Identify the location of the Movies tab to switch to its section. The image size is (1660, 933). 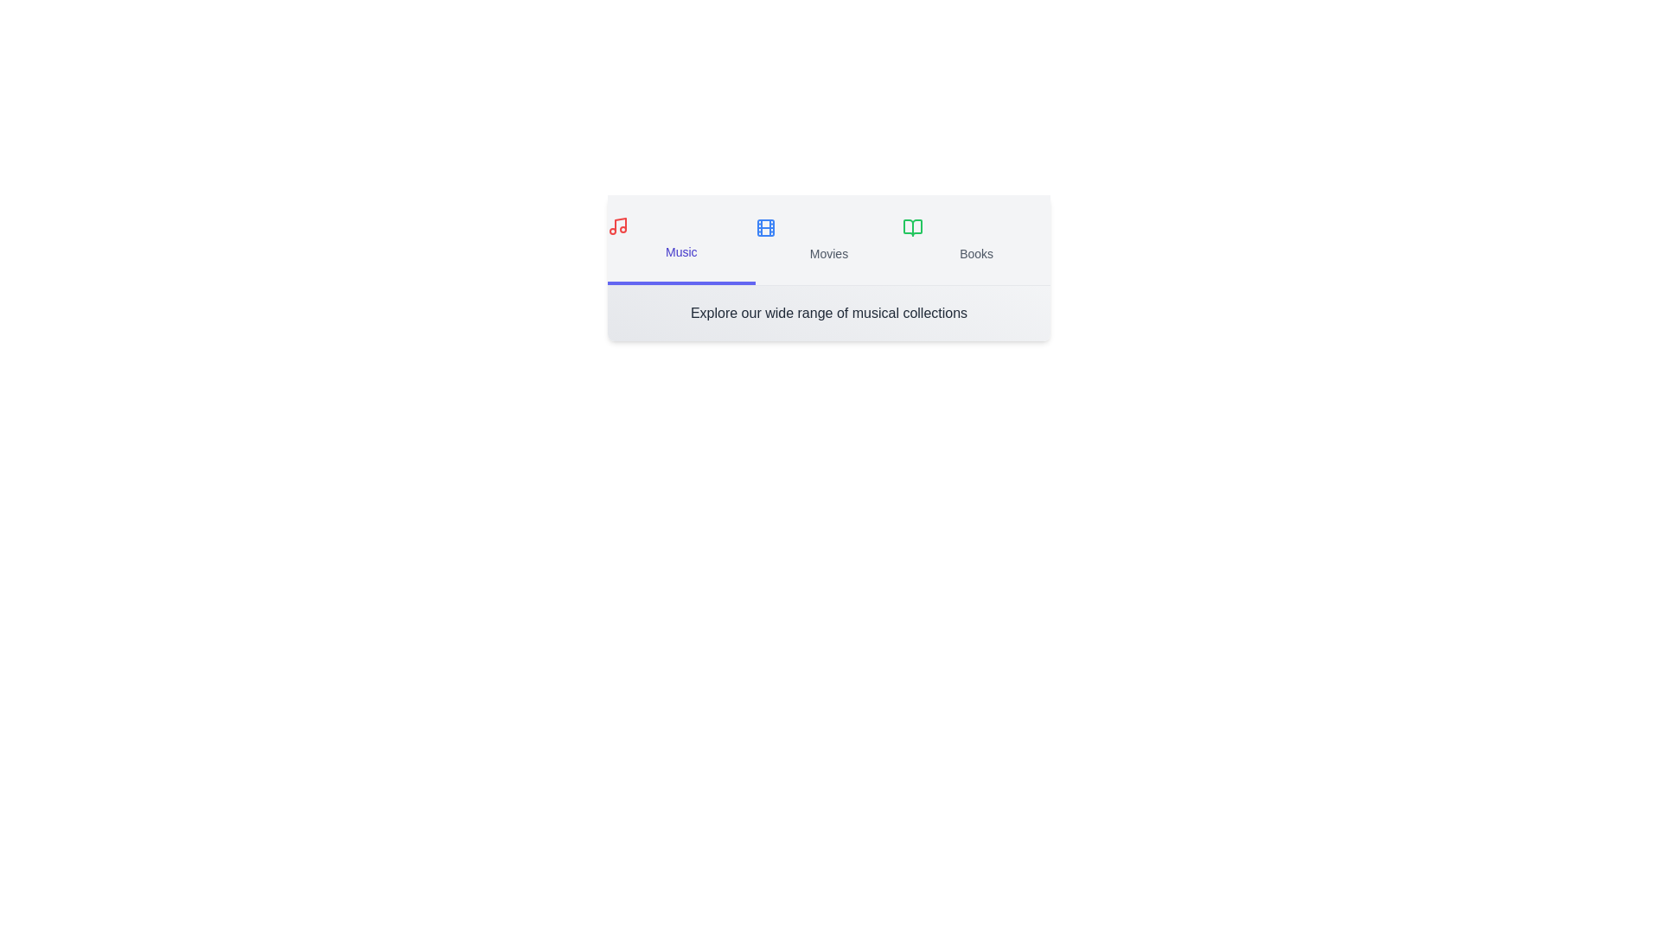
(828, 239).